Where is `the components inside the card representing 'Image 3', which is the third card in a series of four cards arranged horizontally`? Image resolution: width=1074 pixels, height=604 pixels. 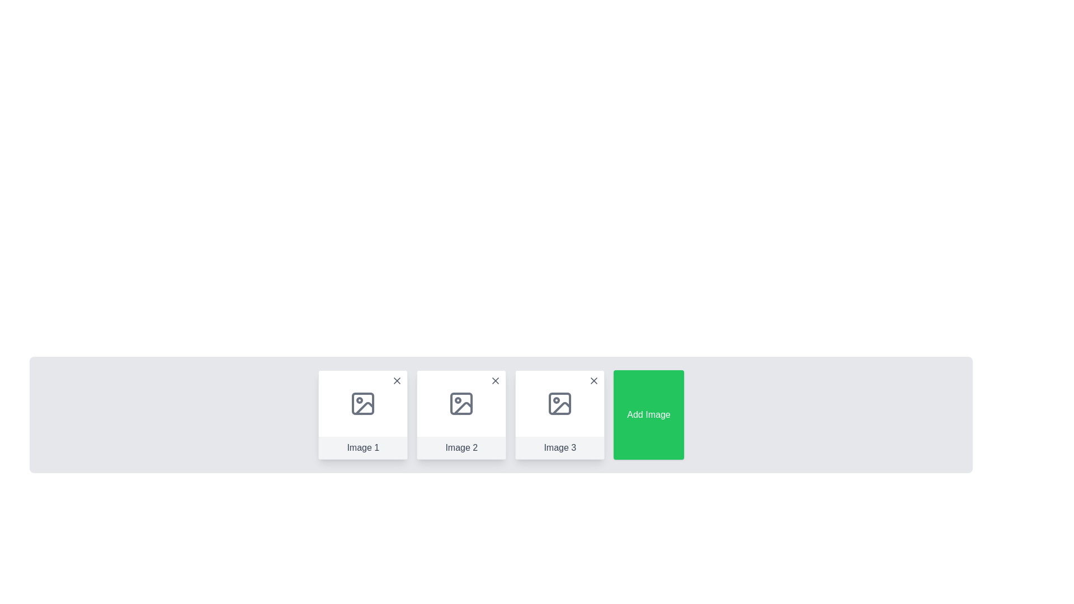 the components inside the card representing 'Image 3', which is the third card in a series of four cards arranged horizontally is located at coordinates (560, 414).